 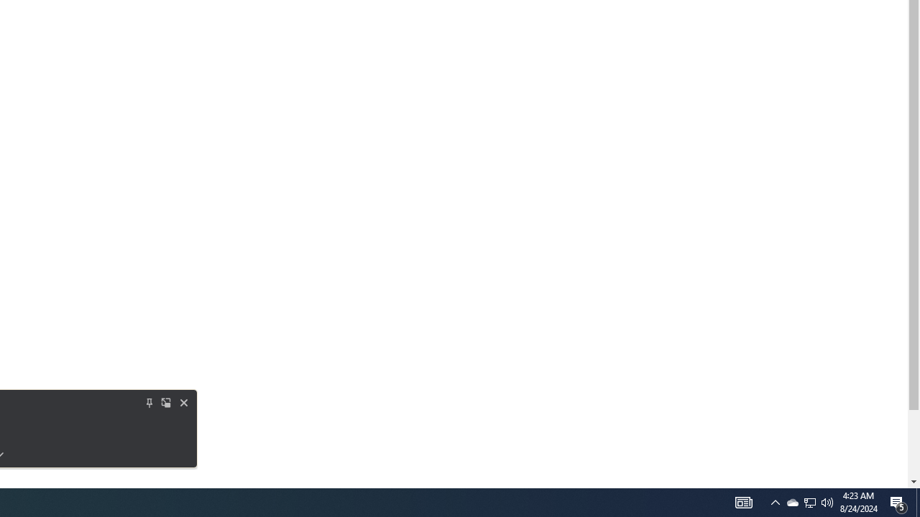 What do you see at coordinates (810, 501) in the screenshot?
I see `'User Promoted Notification Area'` at bounding box center [810, 501].